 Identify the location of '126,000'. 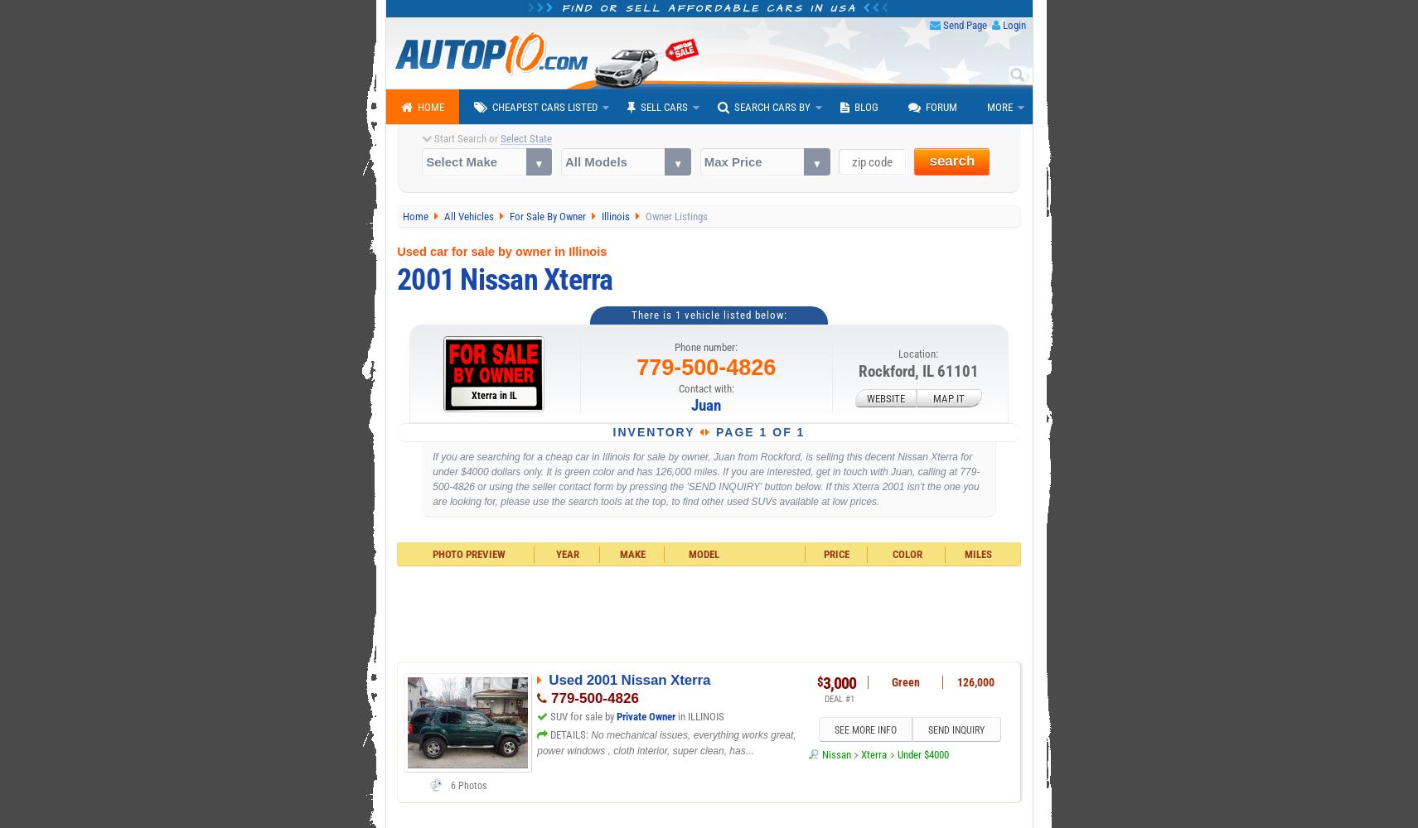
(975, 681).